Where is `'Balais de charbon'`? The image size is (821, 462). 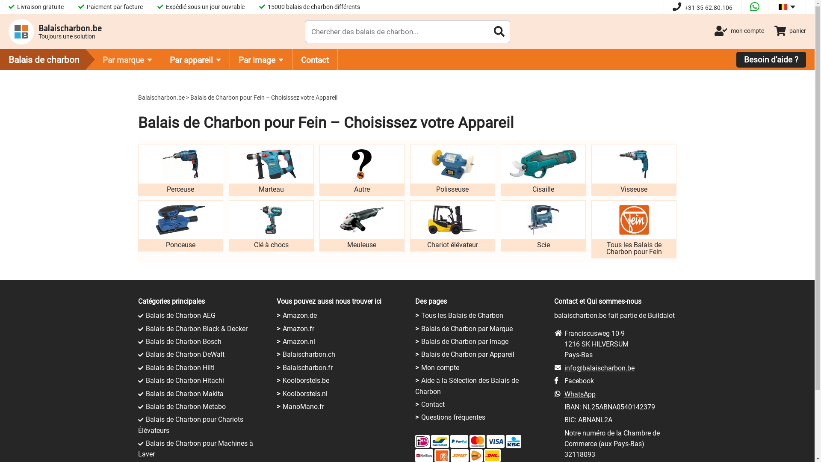 'Balais de charbon' is located at coordinates (51, 59).